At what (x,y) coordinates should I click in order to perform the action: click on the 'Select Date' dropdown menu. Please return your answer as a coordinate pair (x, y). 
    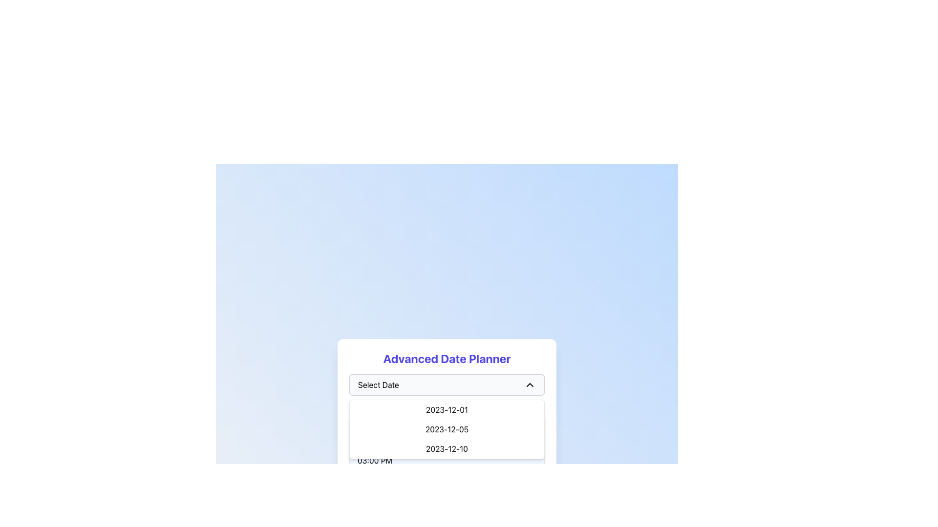
    Looking at the image, I should click on (447, 385).